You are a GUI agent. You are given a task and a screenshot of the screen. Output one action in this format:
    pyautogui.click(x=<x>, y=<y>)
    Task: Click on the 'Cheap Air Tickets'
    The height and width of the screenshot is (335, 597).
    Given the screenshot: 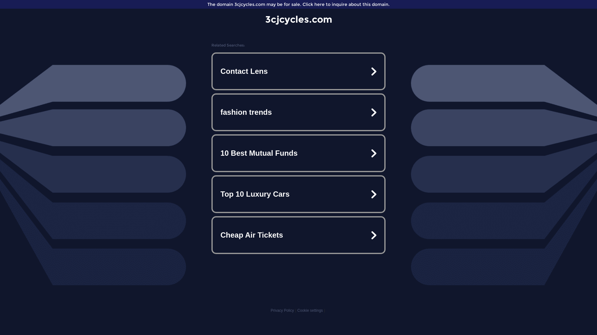 What is the action you would take?
    pyautogui.click(x=298, y=235)
    